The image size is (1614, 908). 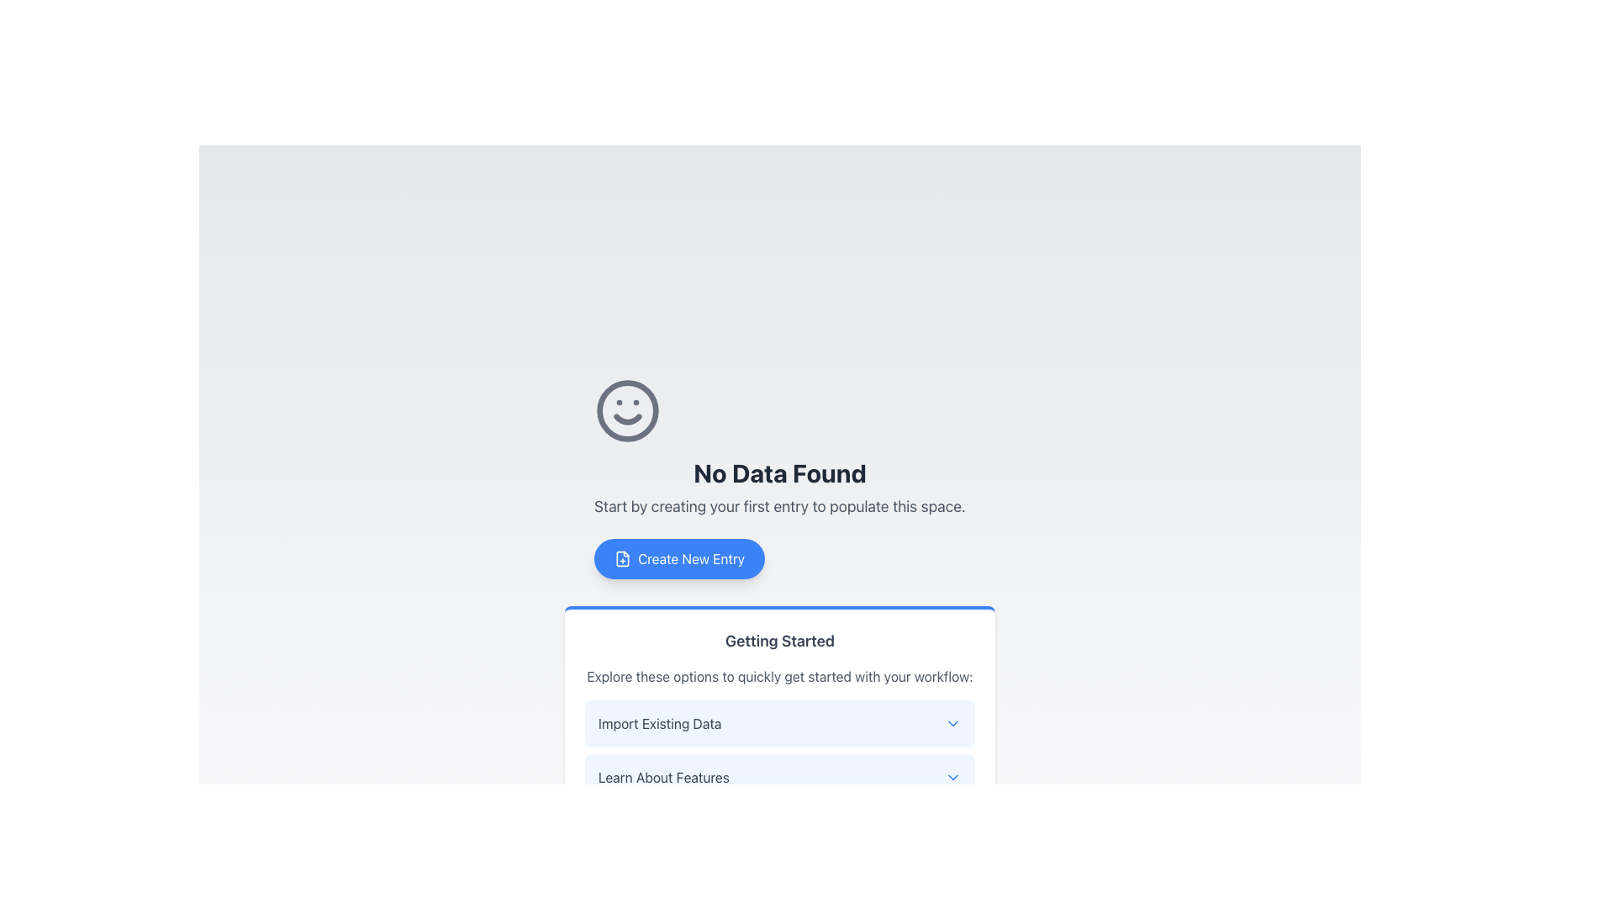 What do you see at coordinates (778, 505) in the screenshot?
I see `the static text element that provides guidance to the user, located beneath 'No Data Found' and above 'Create New Entry'` at bounding box center [778, 505].